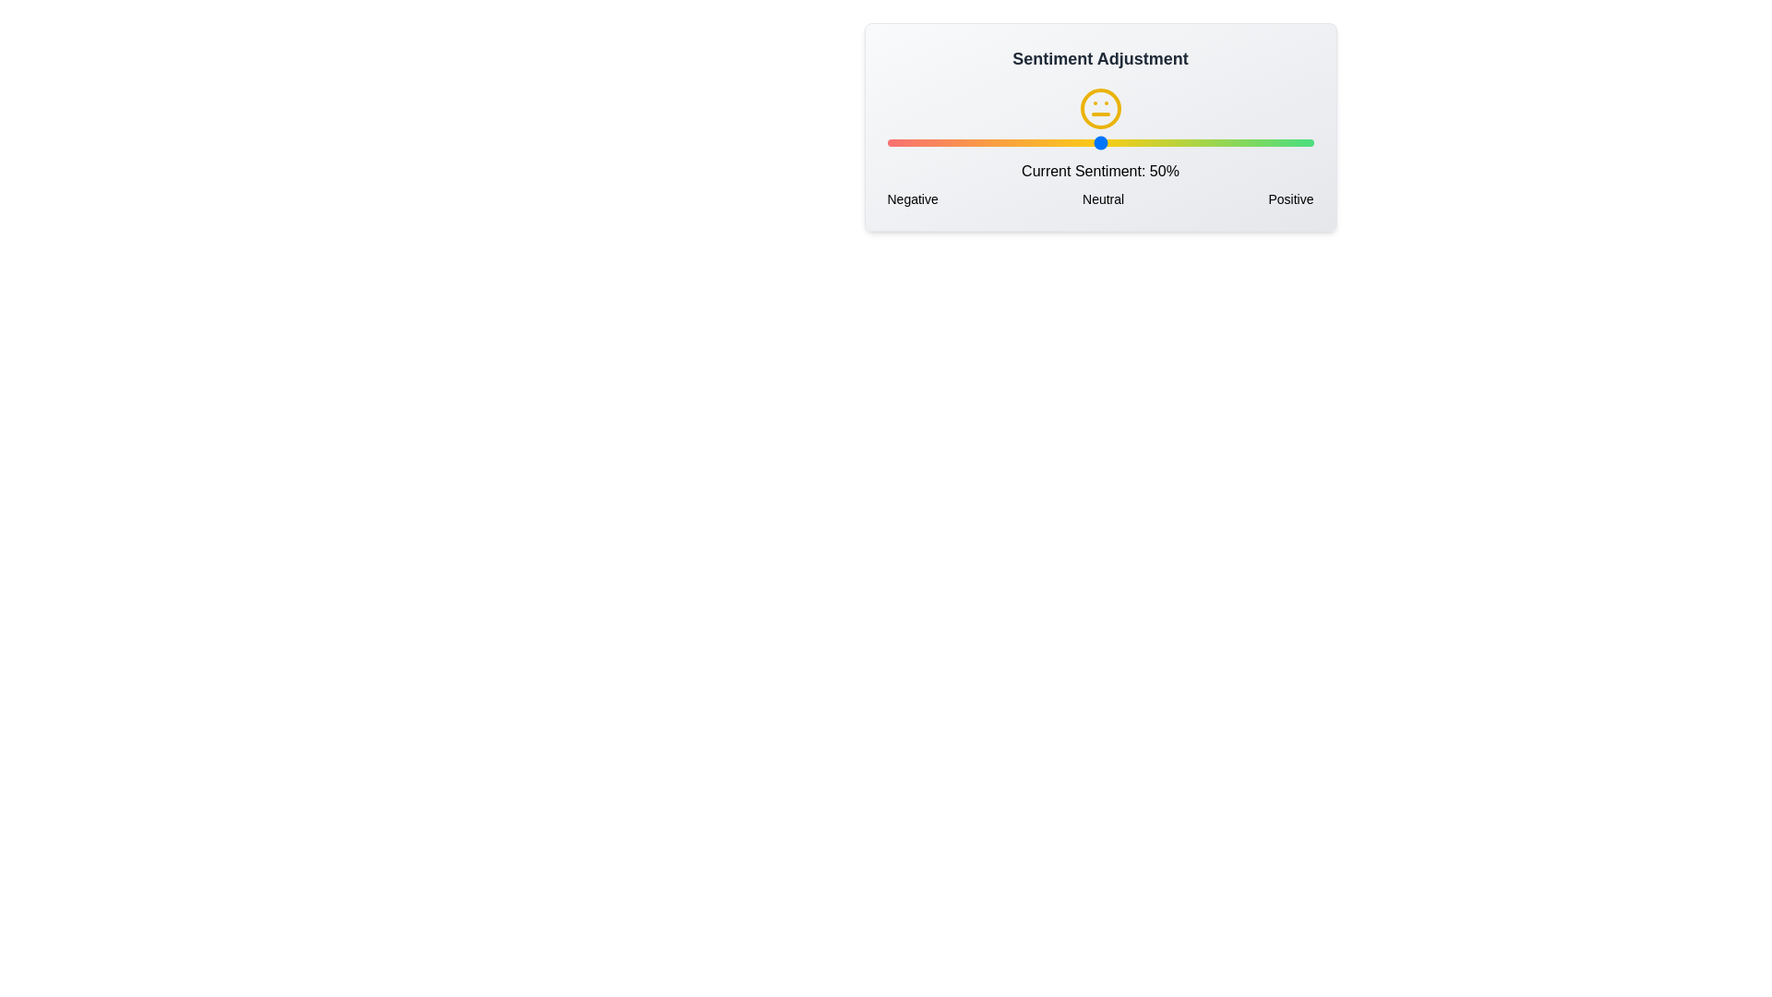 The width and height of the screenshot is (1772, 997). What do you see at coordinates (1074, 141) in the screenshot?
I see `the sentiment slider to 44% to observe the corresponding sentiment icon` at bounding box center [1074, 141].